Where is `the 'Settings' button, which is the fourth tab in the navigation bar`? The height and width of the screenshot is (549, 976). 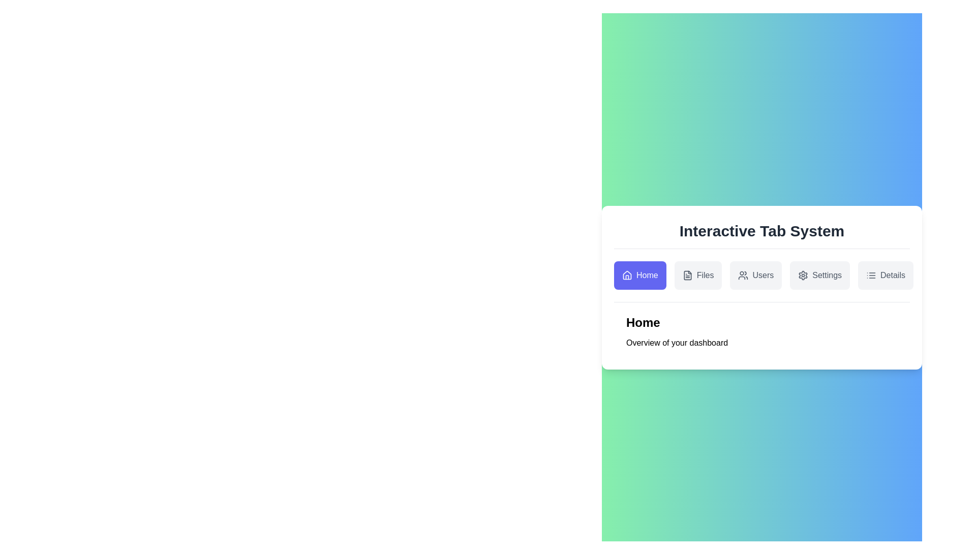
the 'Settings' button, which is the fourth tab in the navigation bar is located at coordinates (820, 276).